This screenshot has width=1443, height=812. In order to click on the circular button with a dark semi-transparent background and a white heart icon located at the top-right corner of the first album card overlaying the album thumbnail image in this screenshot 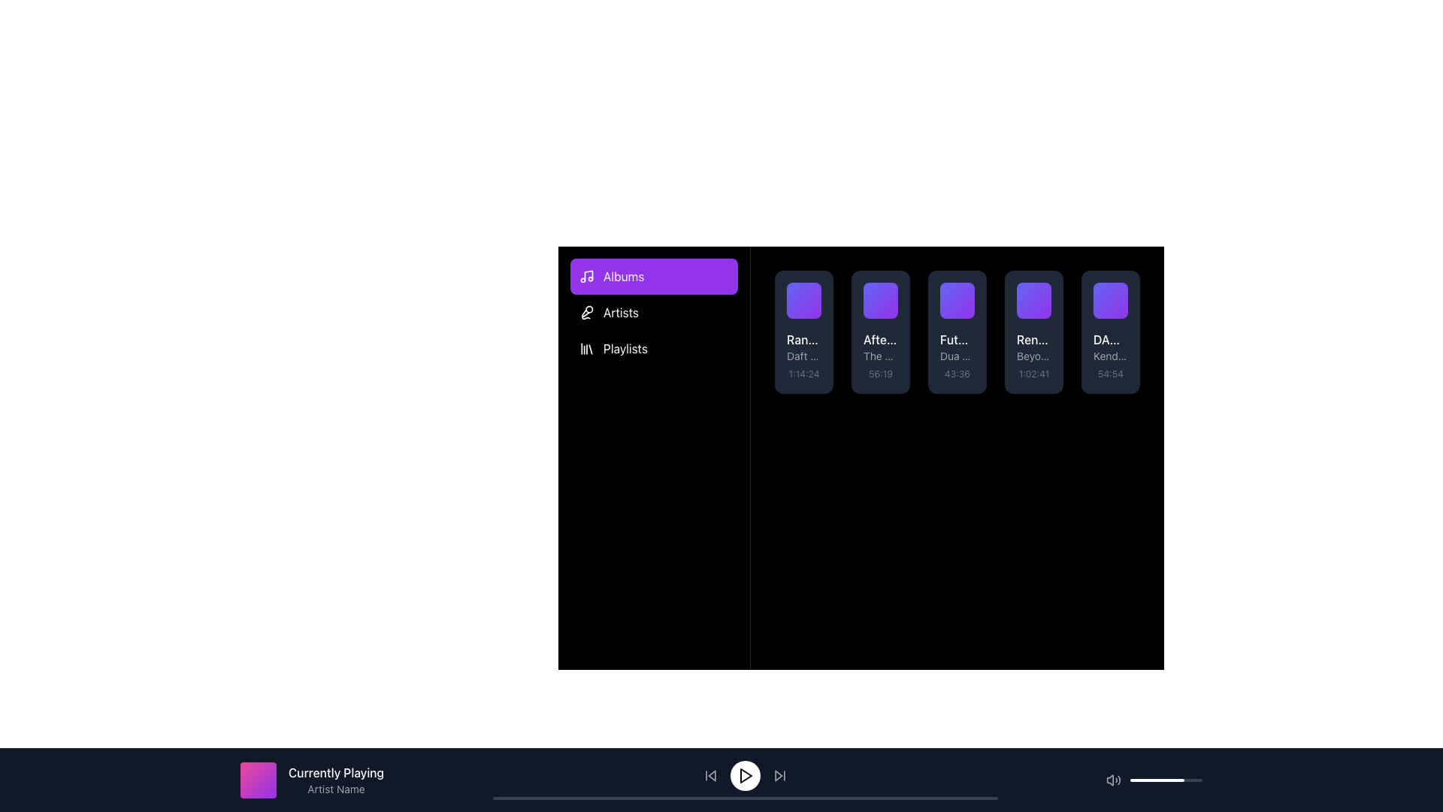, I will do `click(811, 292)`.